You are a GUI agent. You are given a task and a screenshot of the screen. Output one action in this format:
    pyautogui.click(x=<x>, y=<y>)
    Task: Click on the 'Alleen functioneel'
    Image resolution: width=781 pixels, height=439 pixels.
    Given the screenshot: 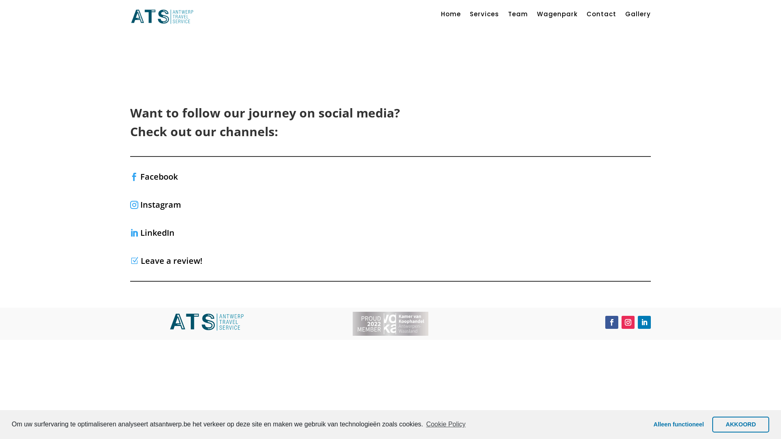 What is the action you would take?
    pyautogui.click(x=678, y=424)
    